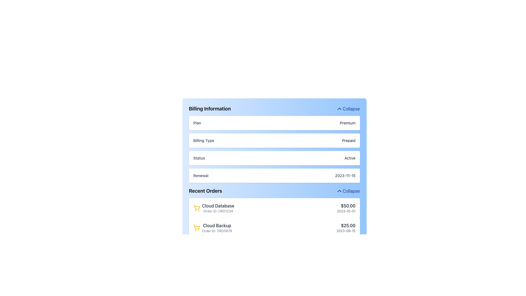 Image resolution: width=526 pixels, height=296 pixels. What do you see at coordinates (347, 123) in the screenshot?
I see `the text label displaying the word 'Premium' in black font with a gray background, located in the Billing Information section and aligned to the right of the 'Plan' label` at bounding box center [347, 123].